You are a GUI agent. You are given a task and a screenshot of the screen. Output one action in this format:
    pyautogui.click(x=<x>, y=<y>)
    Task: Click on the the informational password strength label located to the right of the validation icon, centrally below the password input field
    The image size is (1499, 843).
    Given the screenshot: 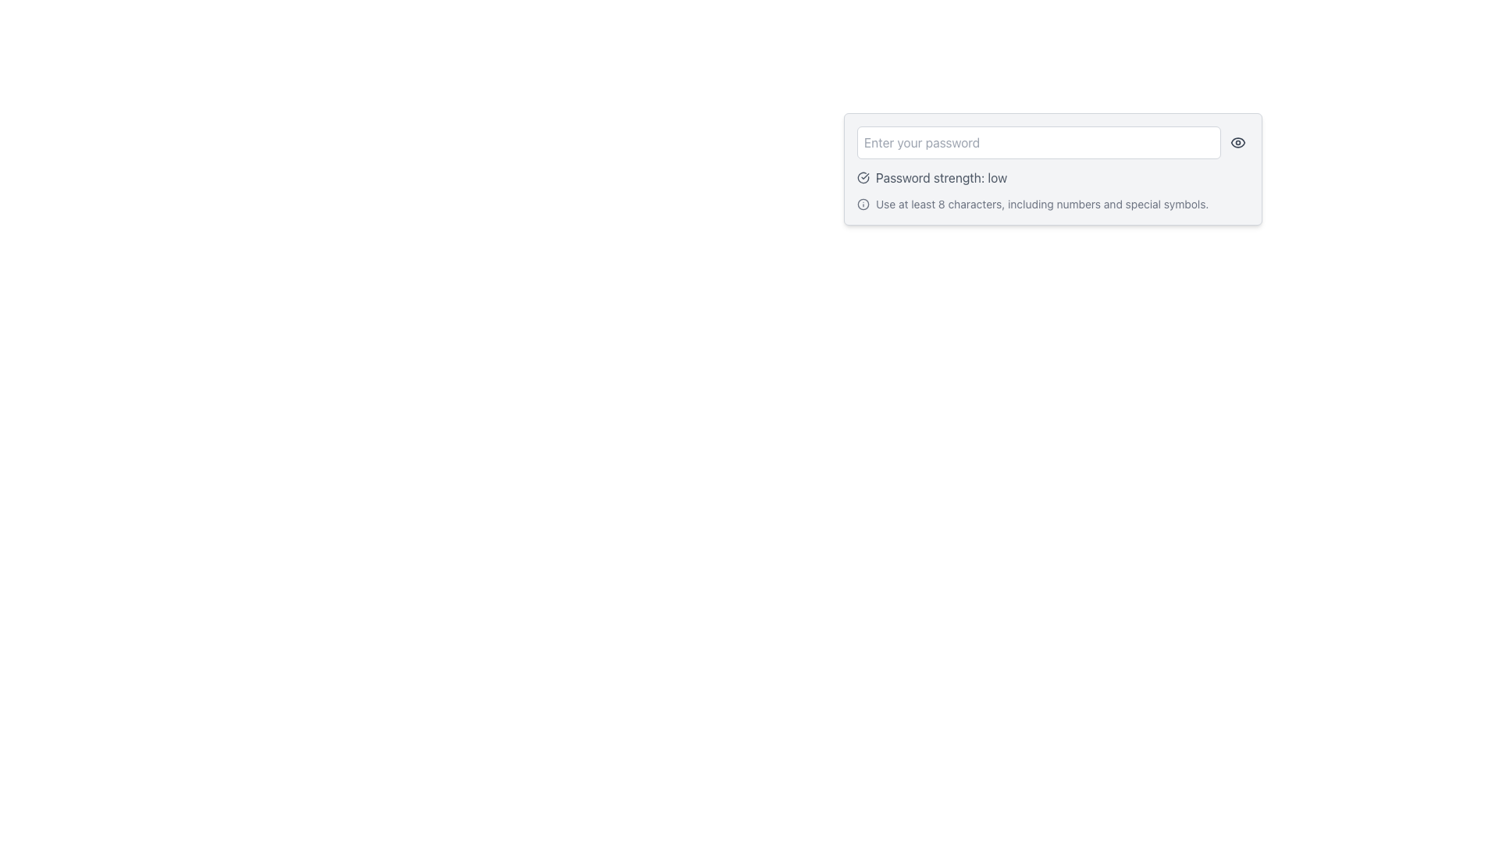 What is the action you would take?
    pyautogui.click(x=941, y=176)
    